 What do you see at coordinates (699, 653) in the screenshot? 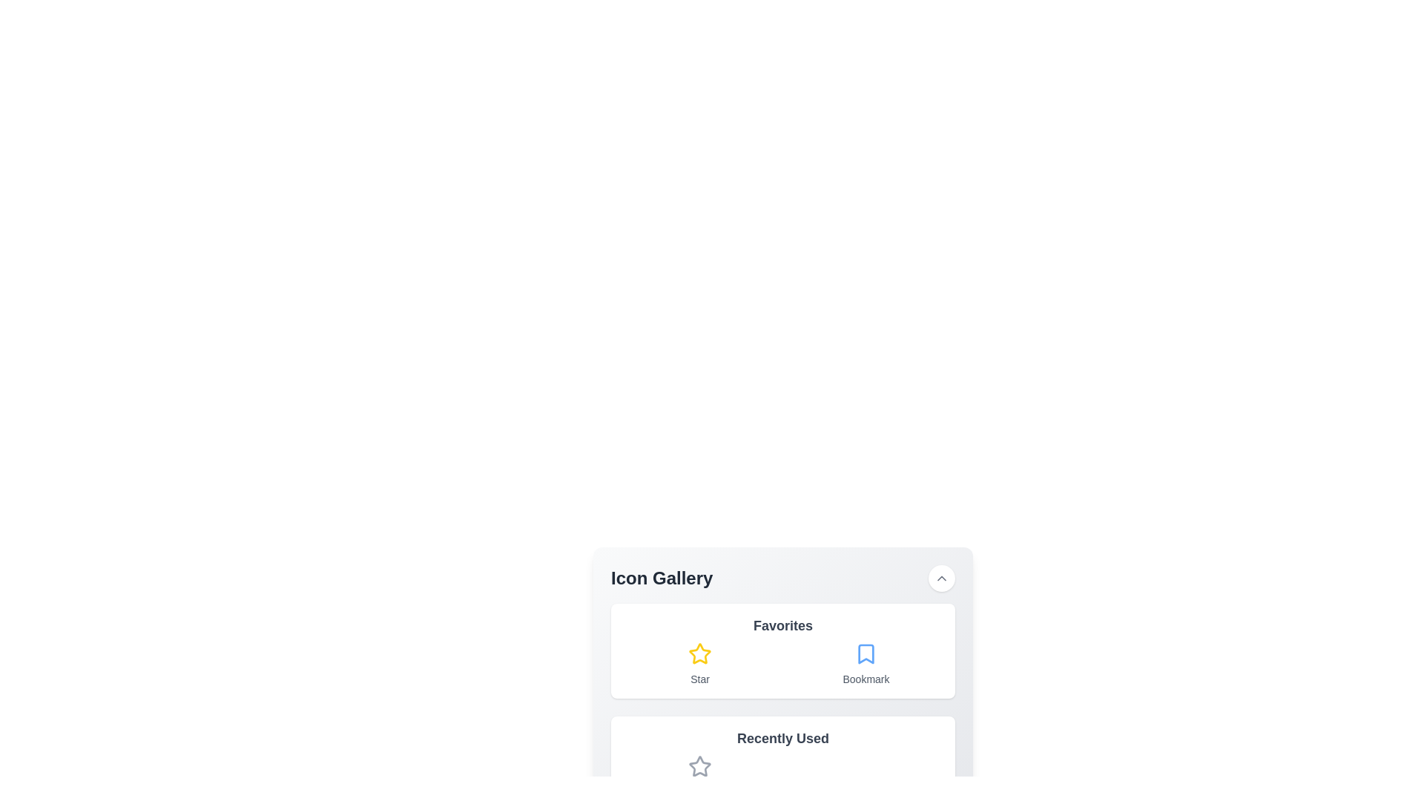
I see `the yellow star icon located in the 'Favorites' section of the 'Icon Gallery'` at bounding box center [699, 653].